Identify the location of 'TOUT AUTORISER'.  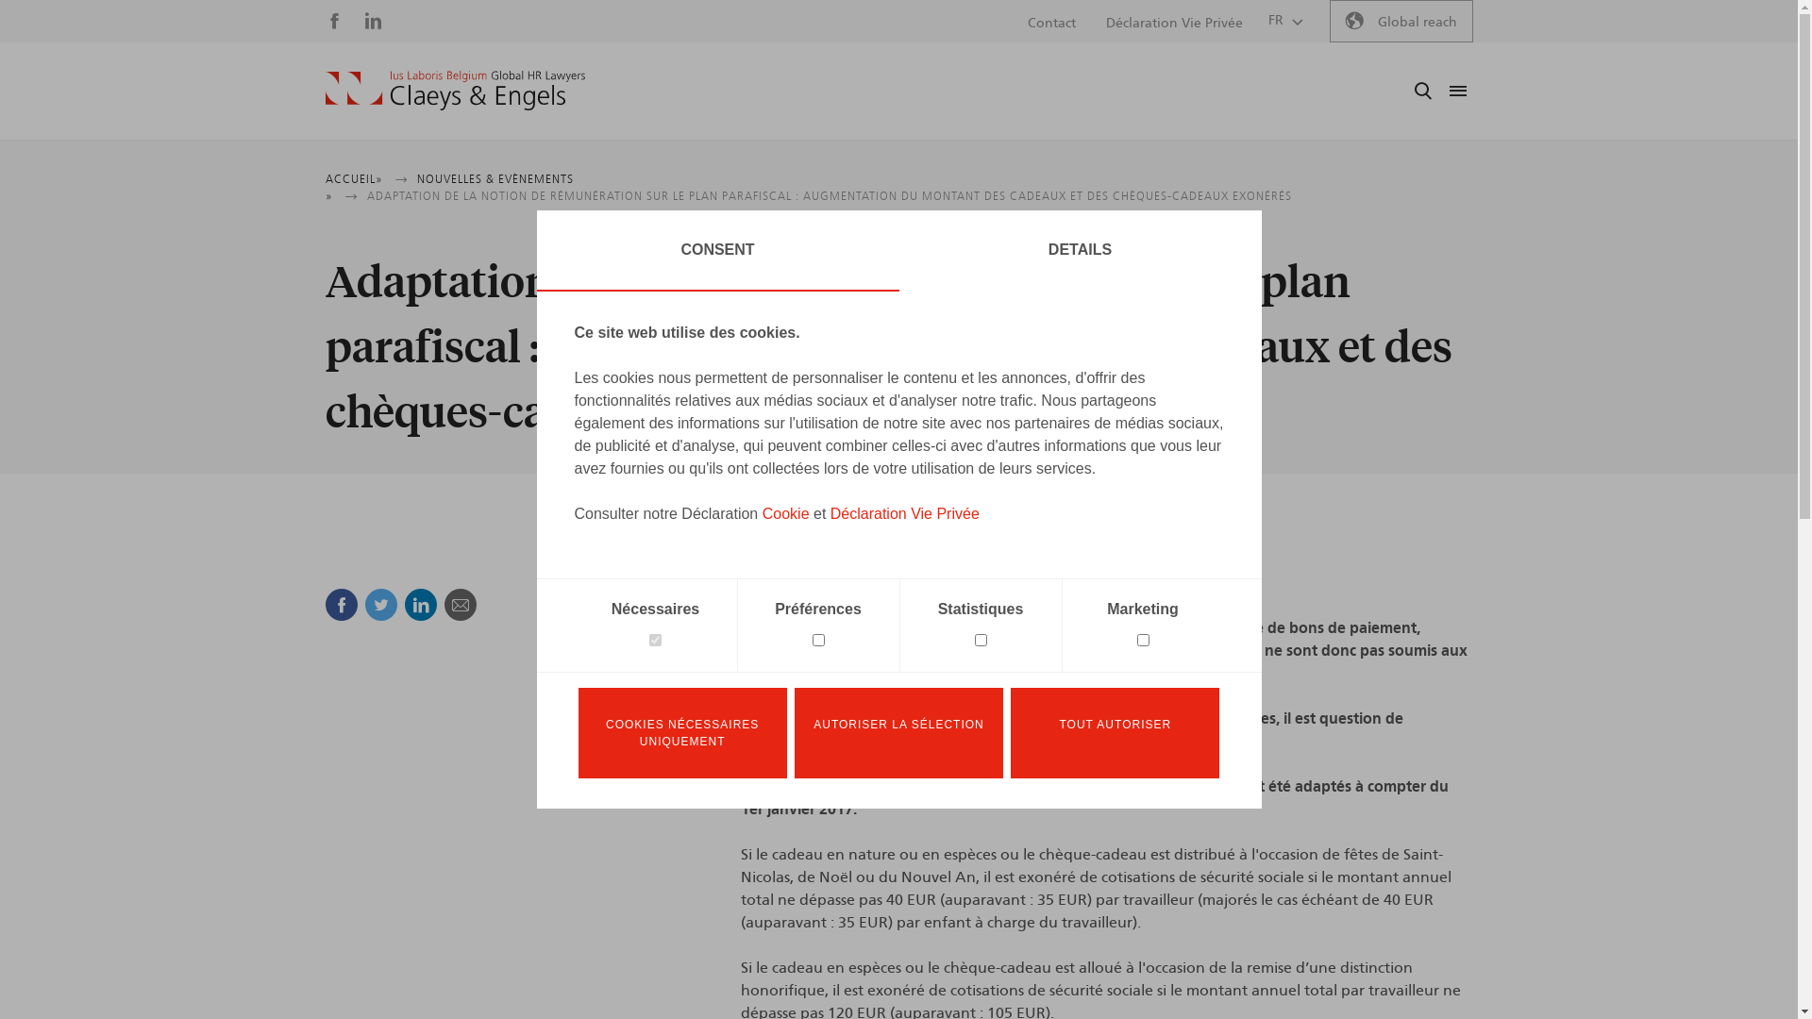
(1115, 731).